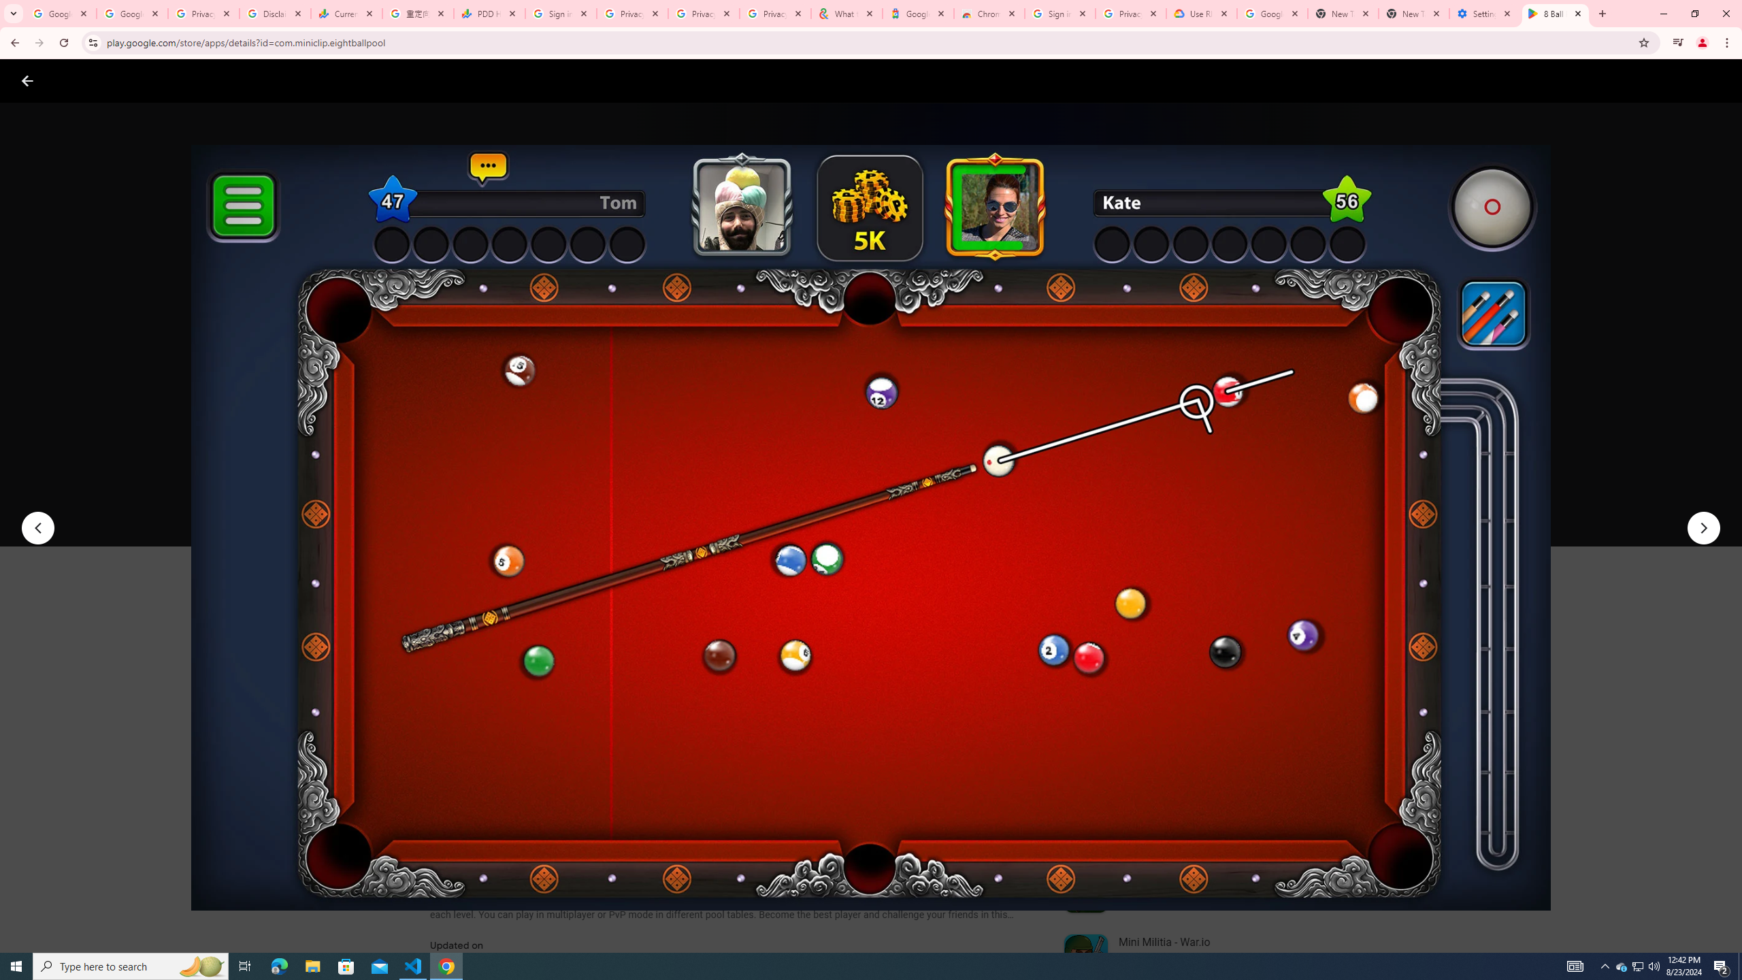 The image size is (1742, 980). Describe the element at coordinates (1703, 527) in the screenshot. I see `'Next'` at that location.